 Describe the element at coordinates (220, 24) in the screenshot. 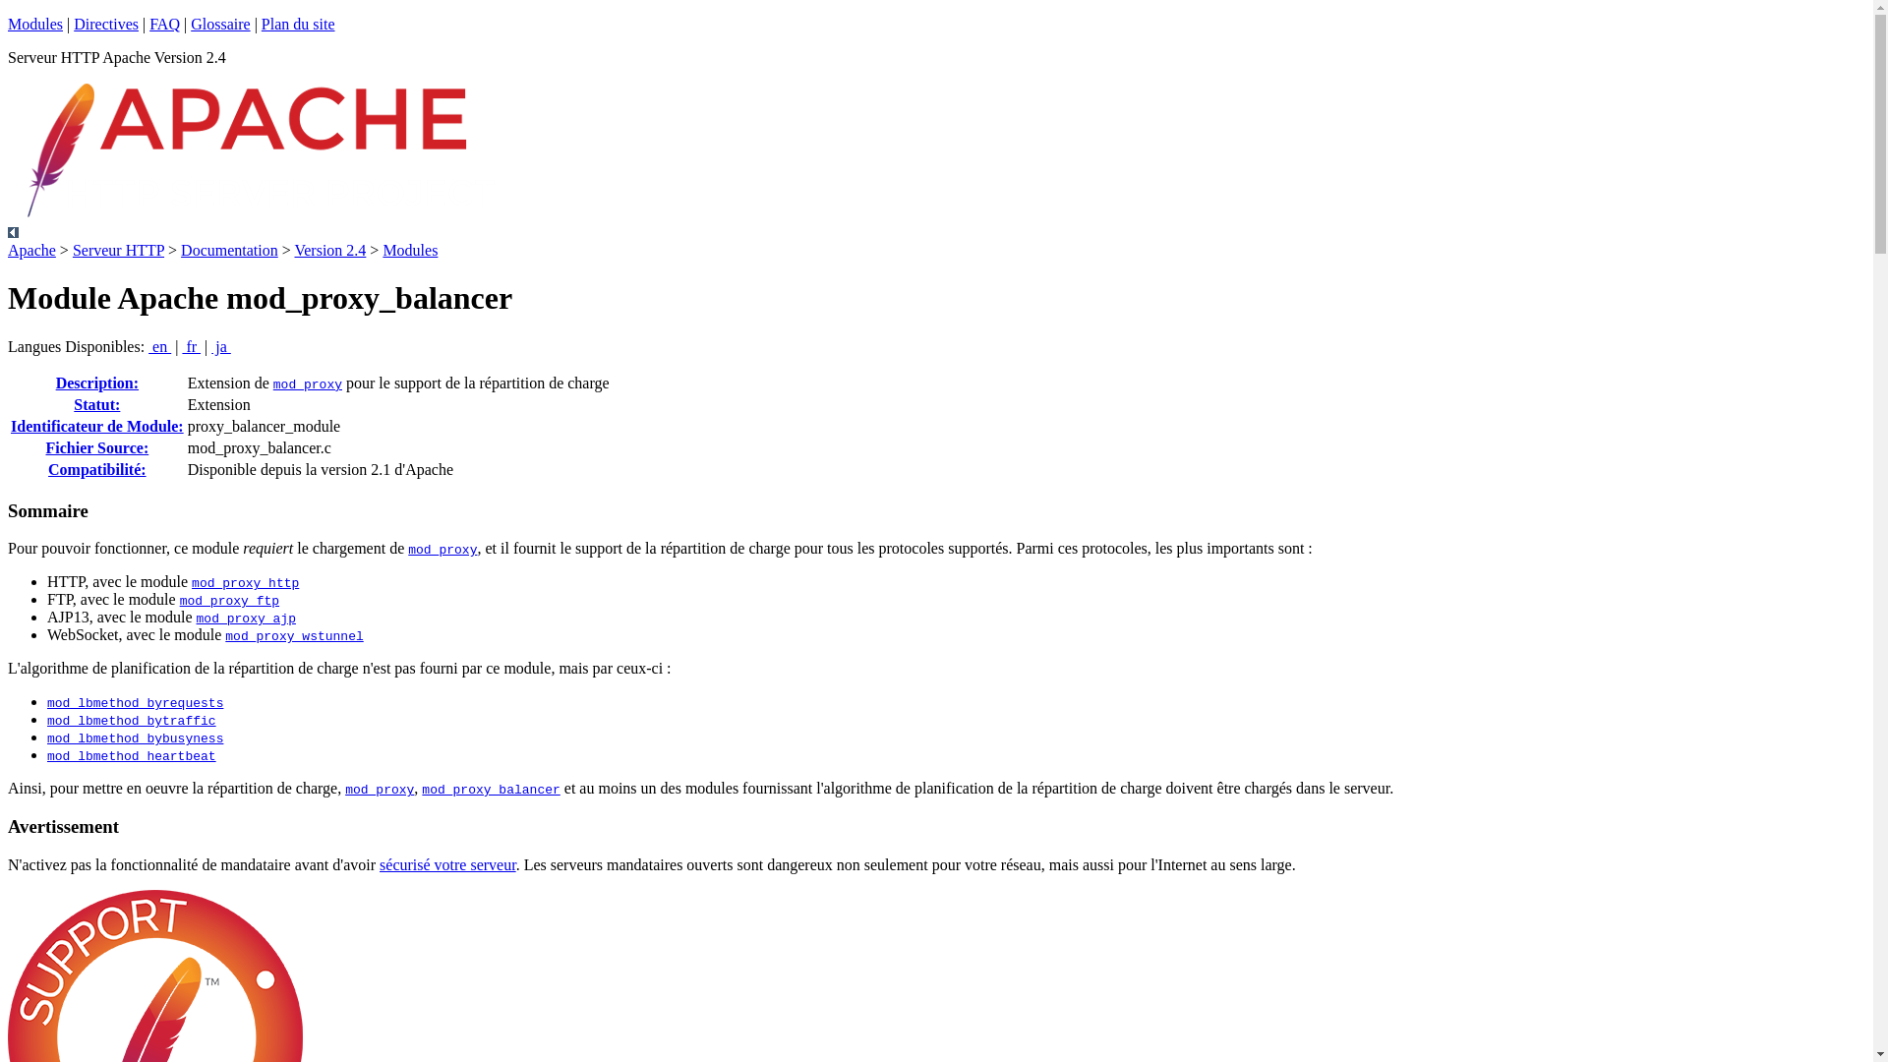

I see `'Glossaire'` at that location.